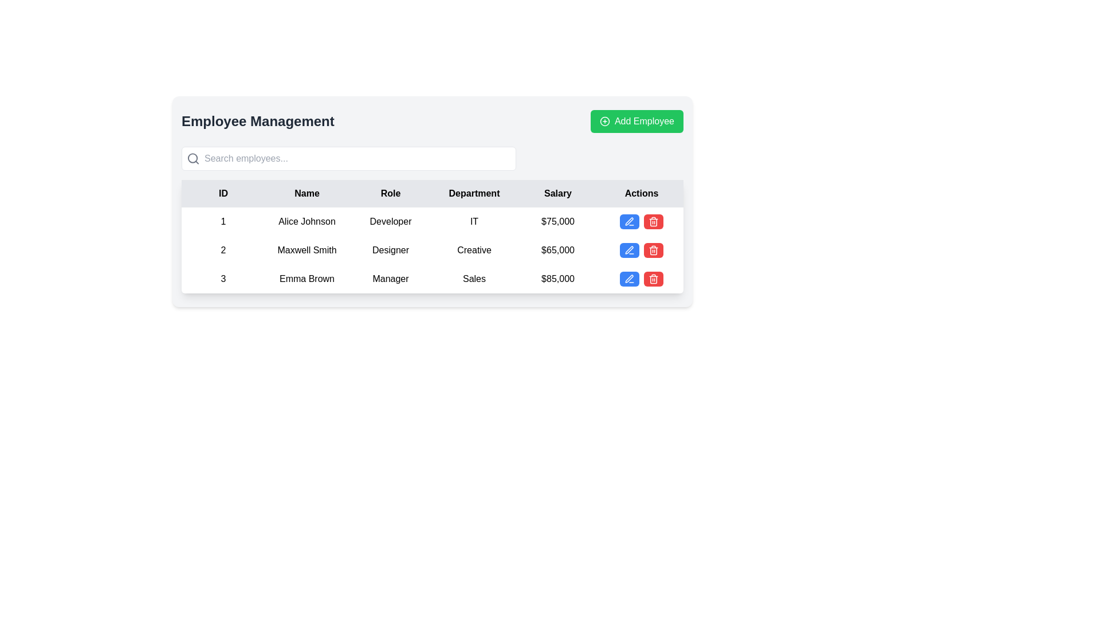  Describe the element at coordinates (629, 221) in the screenshot. I see `the pen icon located next to the text 'Emma Brown' in the 'Actions' column of the interface` at that location.